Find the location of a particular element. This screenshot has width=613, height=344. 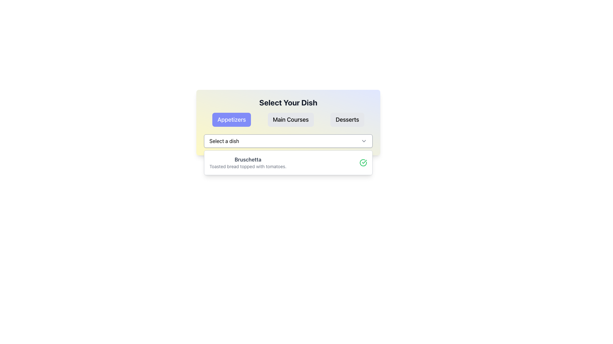

the text label 'Toasted bread topped with tomatoes.' which is visually located below the label 'Bruschetta' in a smaller, lighter gray font is located at coordinates (247, 166).